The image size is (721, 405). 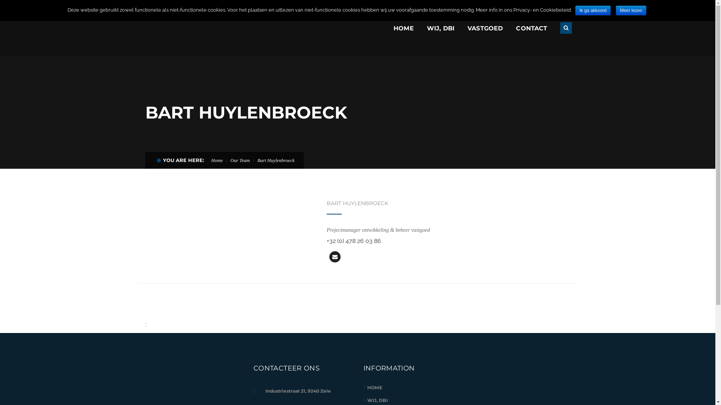 What do you see at coordinates (200, 27) in the screenshot?
I see `'DBI - Succesvol ondernemen in vastgoed'` at bounding box center [200, 27].